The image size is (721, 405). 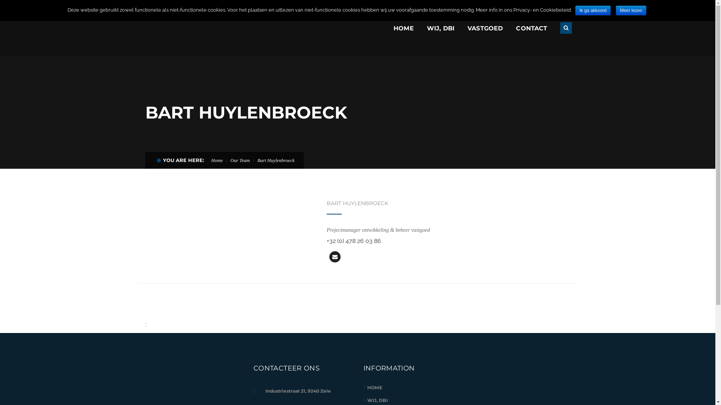 What do you see at coordinates (200, 27) in the screenshot?
I see `'DBI - Succesvol ondernemen in vastgoed'` at bounding box center [200, 27].